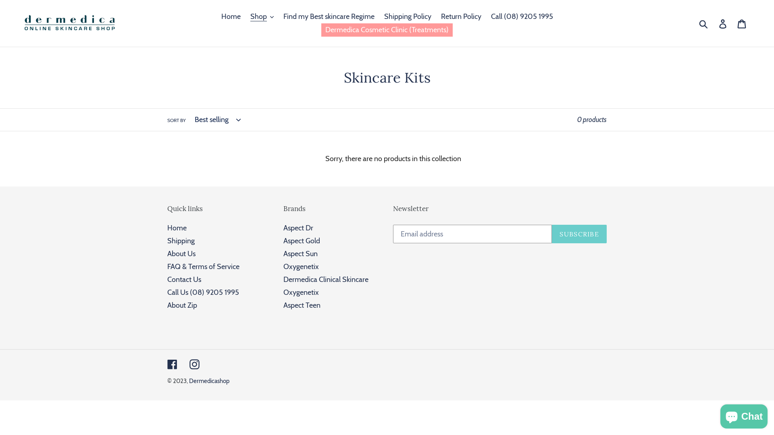  I want to click on 'Home', so click(230, 17).